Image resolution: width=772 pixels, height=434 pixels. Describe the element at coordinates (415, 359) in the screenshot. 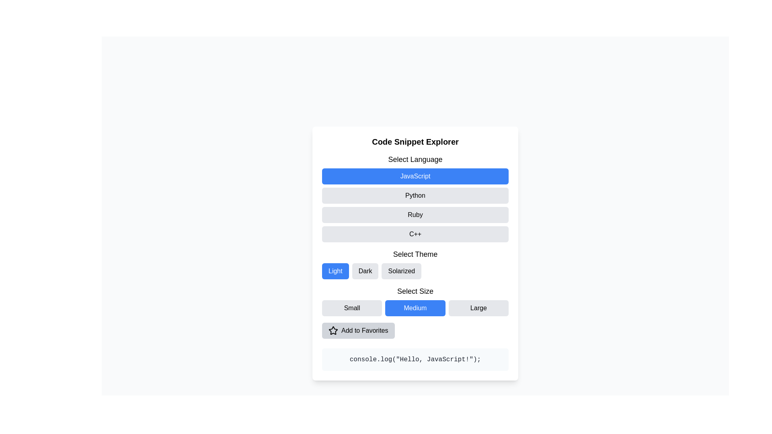

I see `the static text display showing 'console.log("Hello, JavaScript!");' which is located near the bottom of the interface` at that location.